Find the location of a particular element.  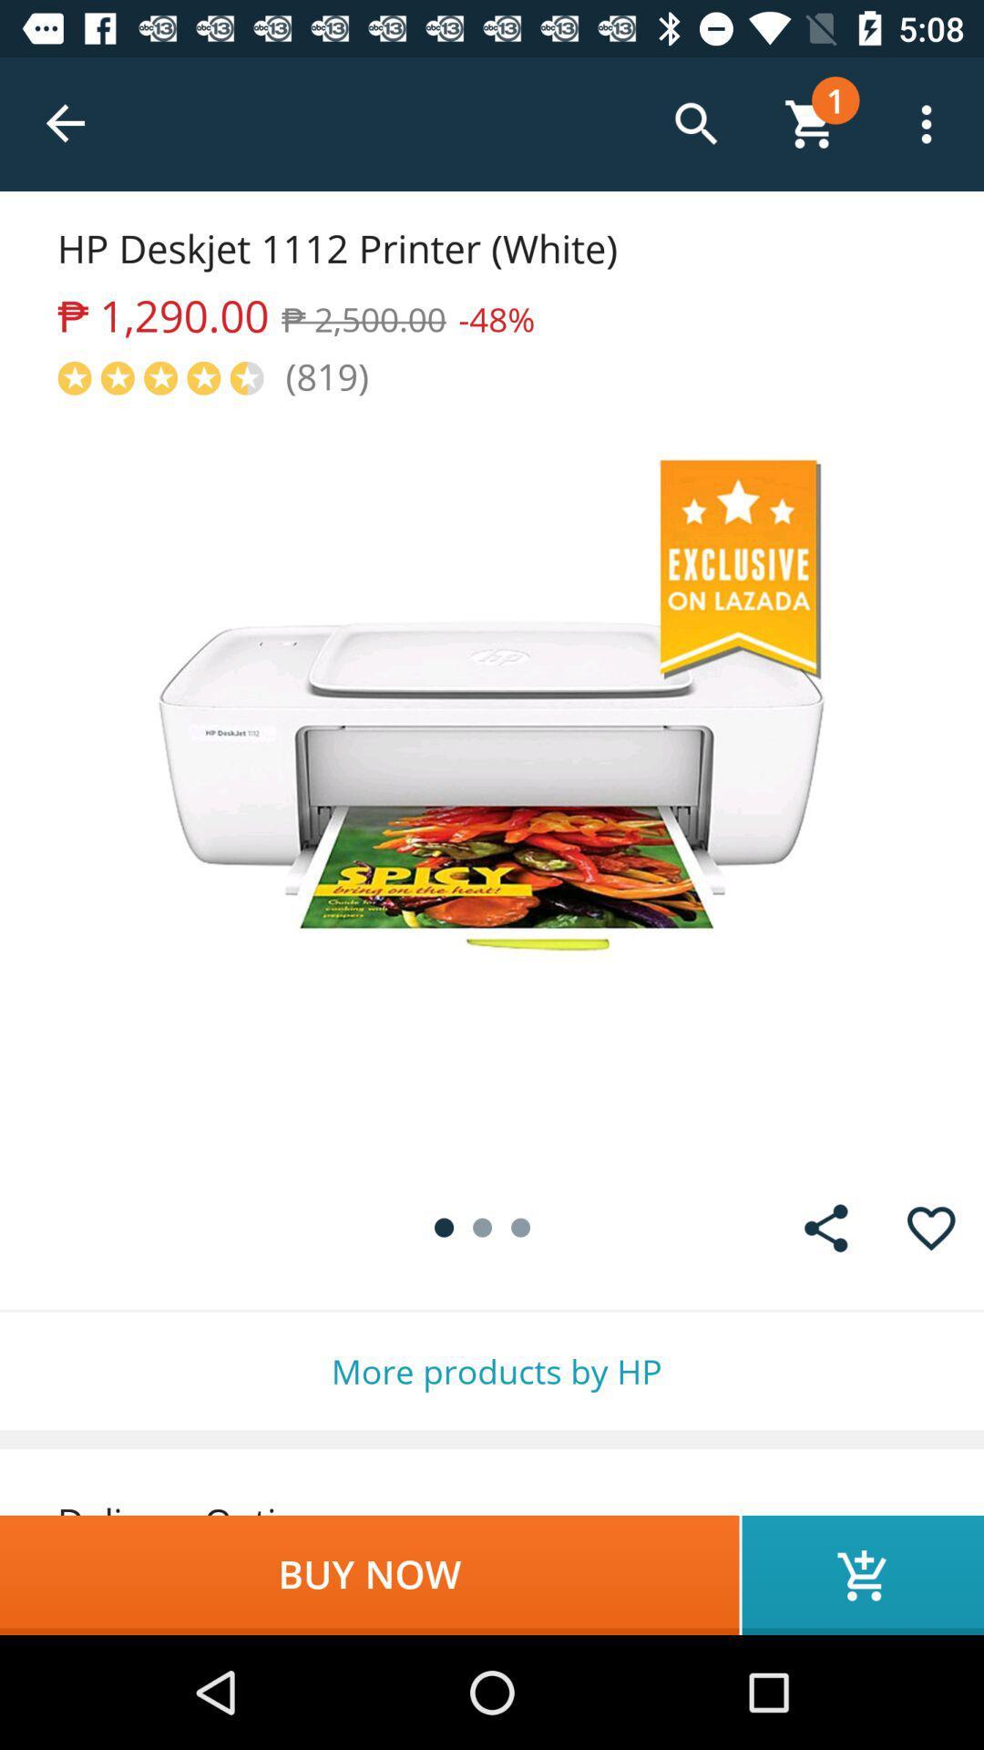

the more products by item is located at coordinates (492, 1371).